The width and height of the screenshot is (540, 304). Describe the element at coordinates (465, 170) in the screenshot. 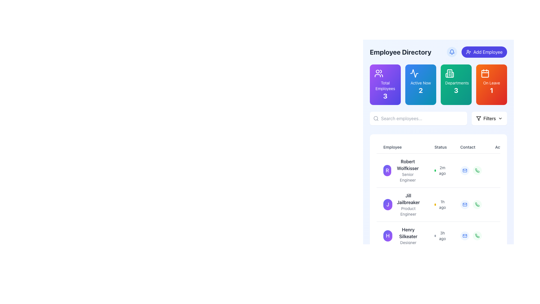

I see `the outlined blue envelope icon in the 'Contact' column for the first employee, Robert Wolfkisser` at that location.